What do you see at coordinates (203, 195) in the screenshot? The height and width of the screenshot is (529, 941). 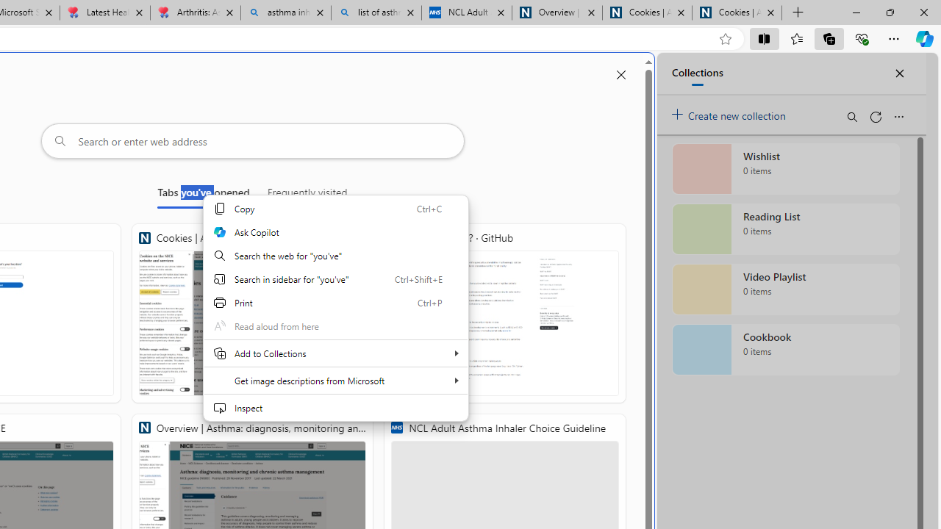 I see `'Tabs you'` at bounding box center [203, 195].